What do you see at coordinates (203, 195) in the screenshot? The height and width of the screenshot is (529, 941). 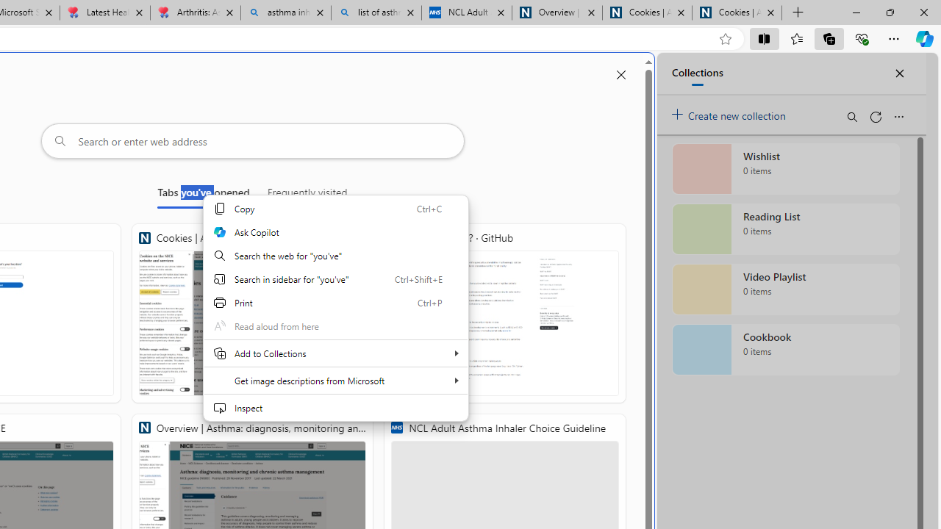 I see `'Tabs you'` at bounding box center [203, 195].